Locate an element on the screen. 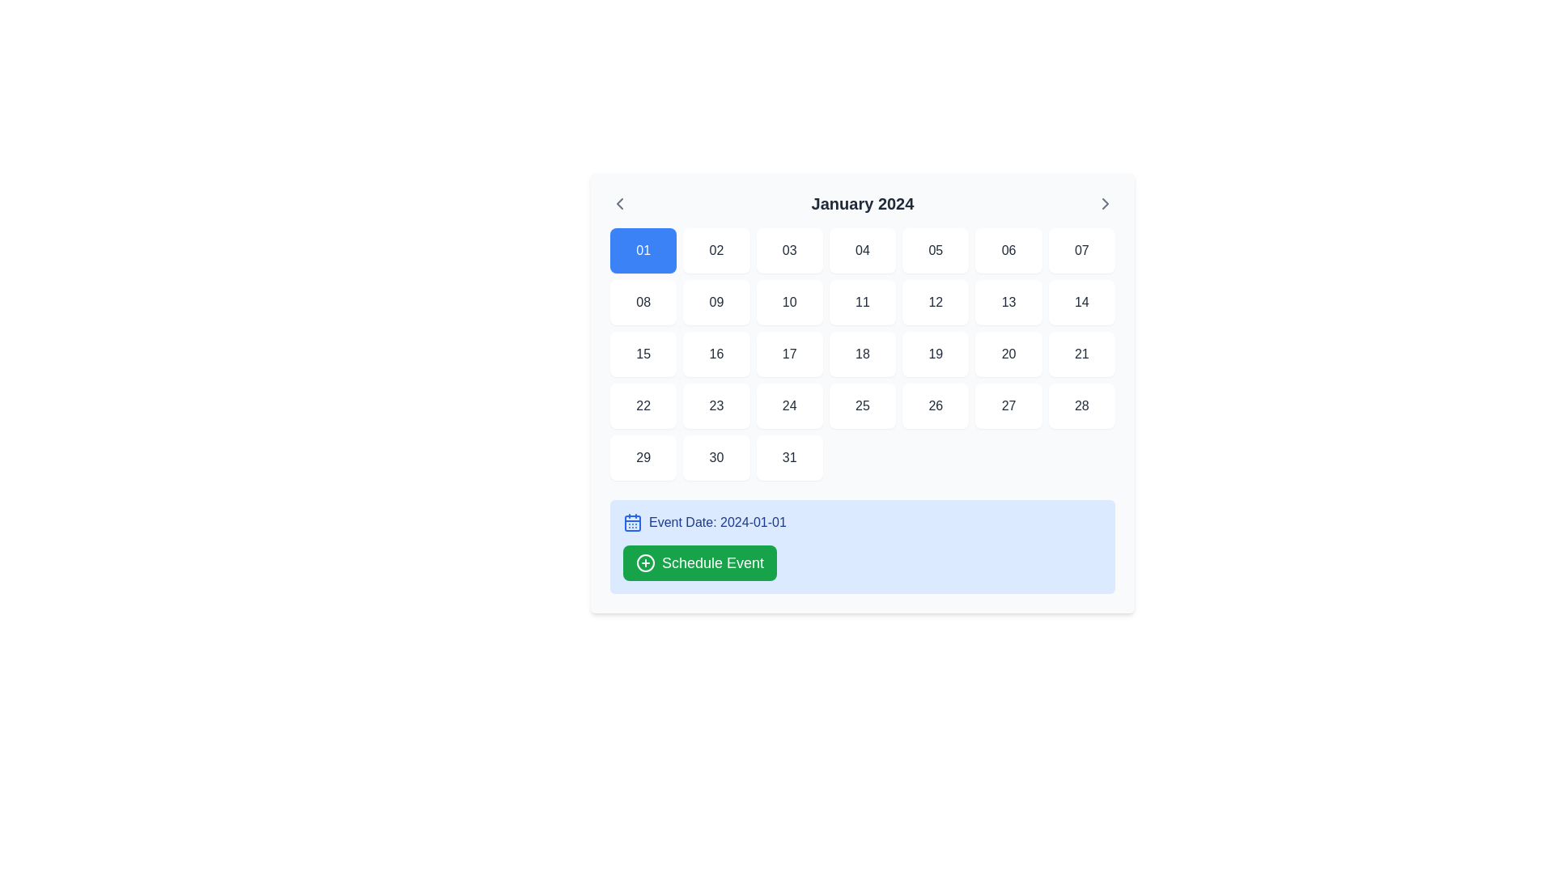 The width and height of the screenshot is (1554, 874). the calendar icon with a blue outline and small dots, located in the bottom section of the layout, to the left of the text 'Event Date: 2024-01-01' is located at coordinates (632, 522).